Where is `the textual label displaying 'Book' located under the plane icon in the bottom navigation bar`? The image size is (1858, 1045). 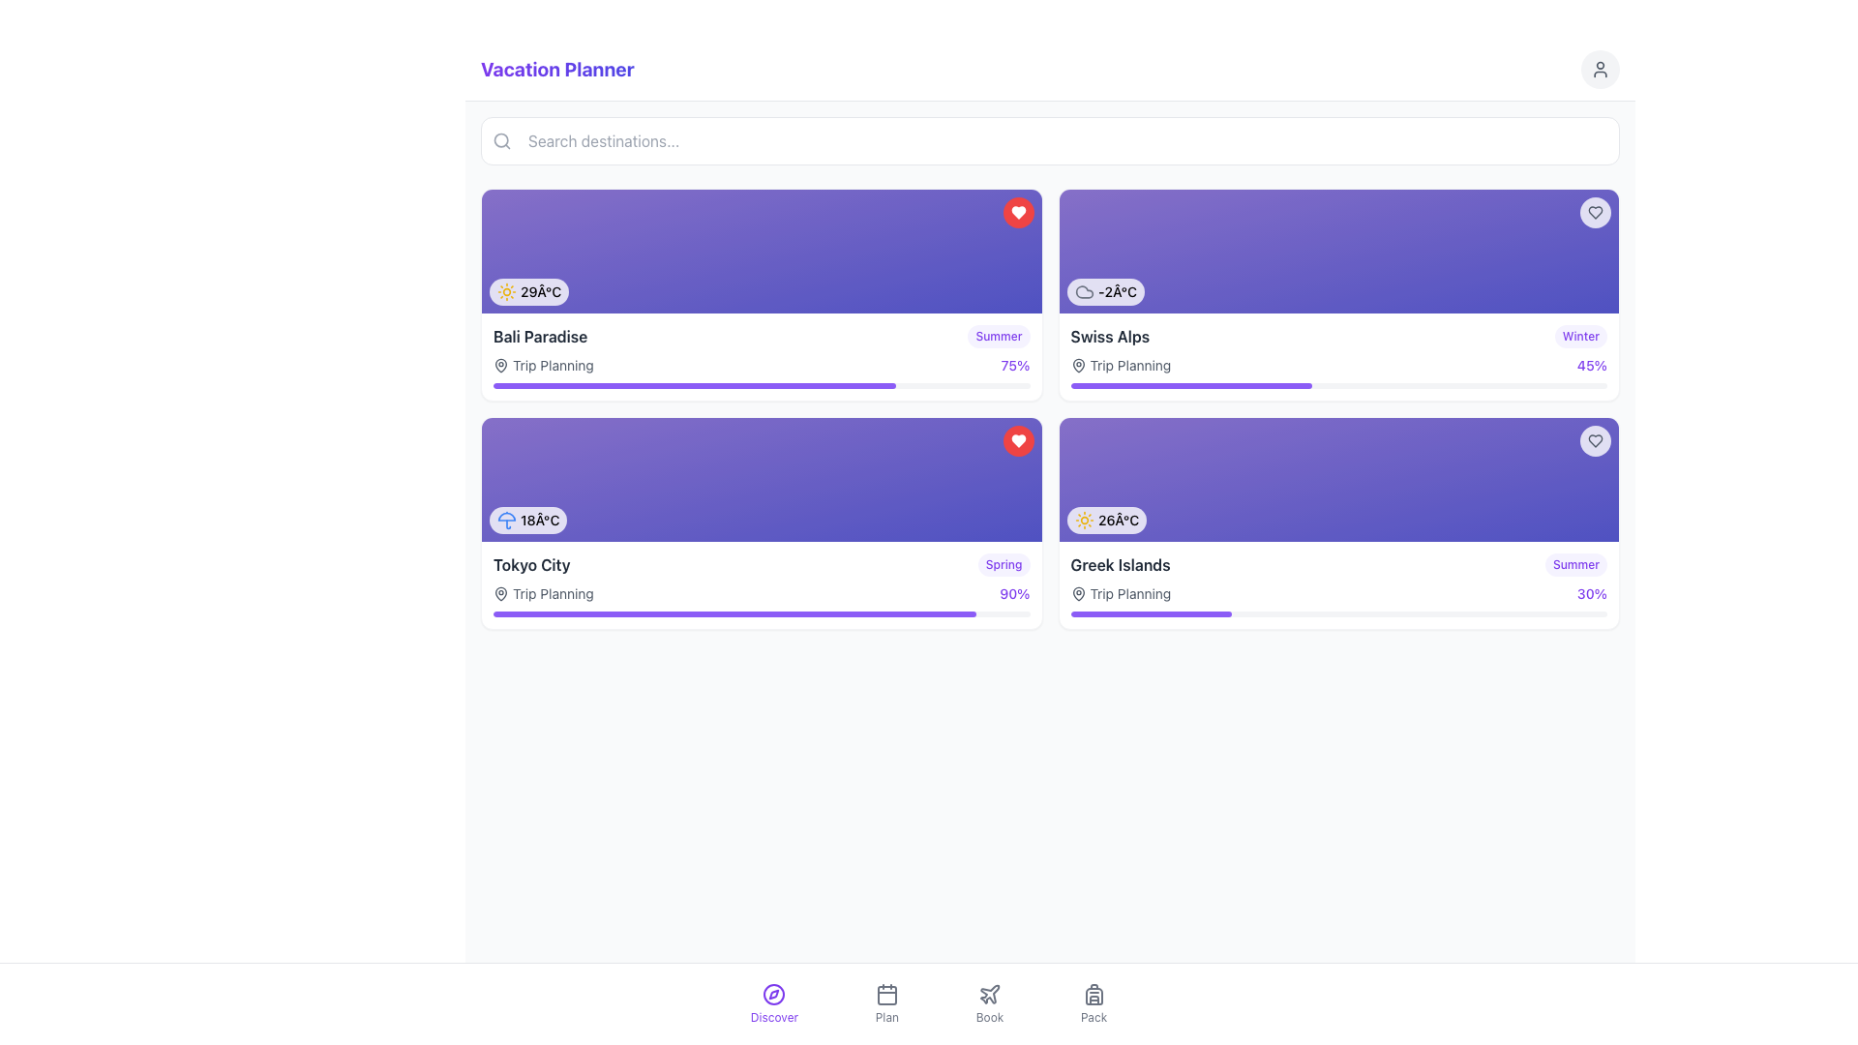 the textual label displaying 'Book' located under the plane icon in the bottom navigation bar is located at coordinates (989, 1017).